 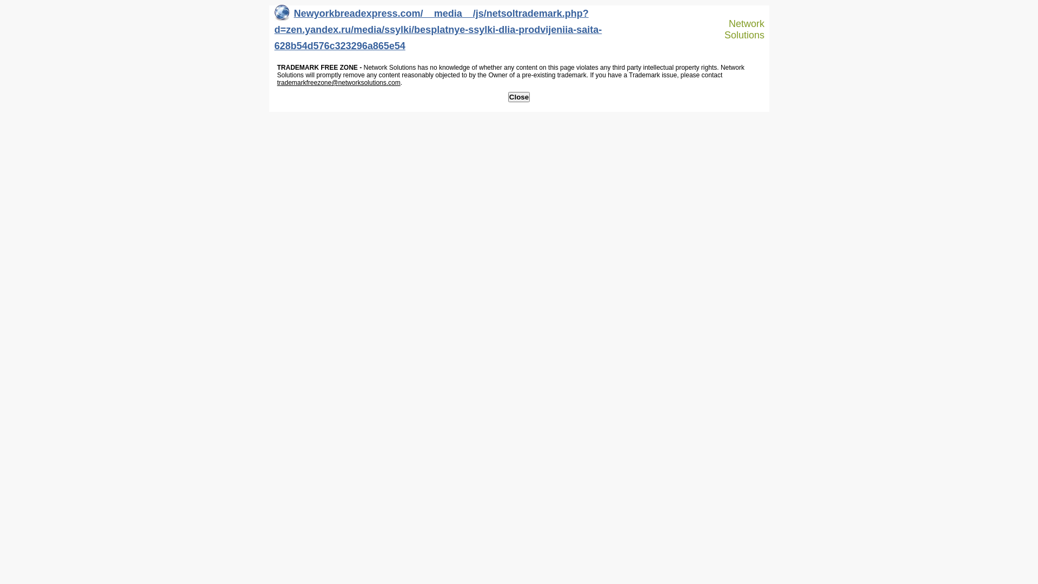 I want to click on 'Network Solutions', so click(x=715, y=29).